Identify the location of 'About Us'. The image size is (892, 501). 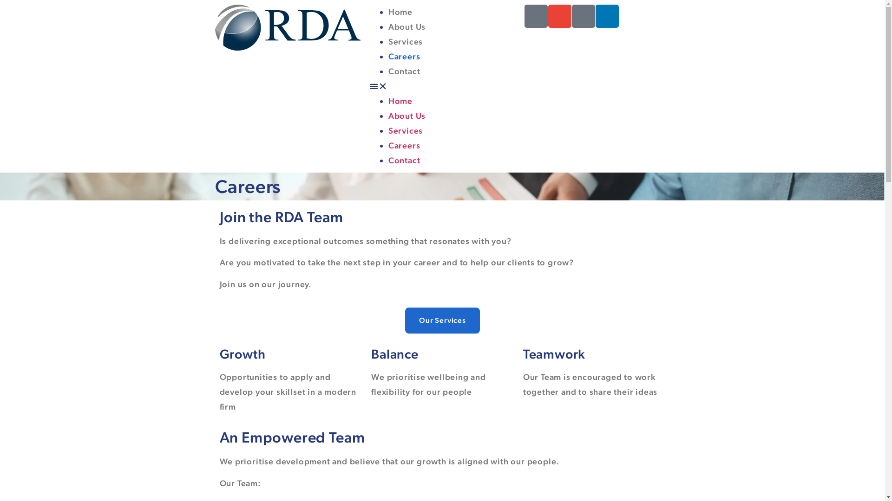
(407, 26).